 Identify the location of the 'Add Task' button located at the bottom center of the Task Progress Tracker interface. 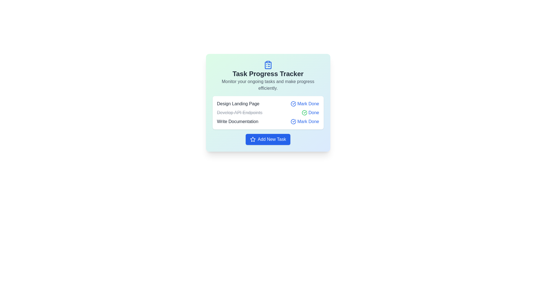
(268, 139).